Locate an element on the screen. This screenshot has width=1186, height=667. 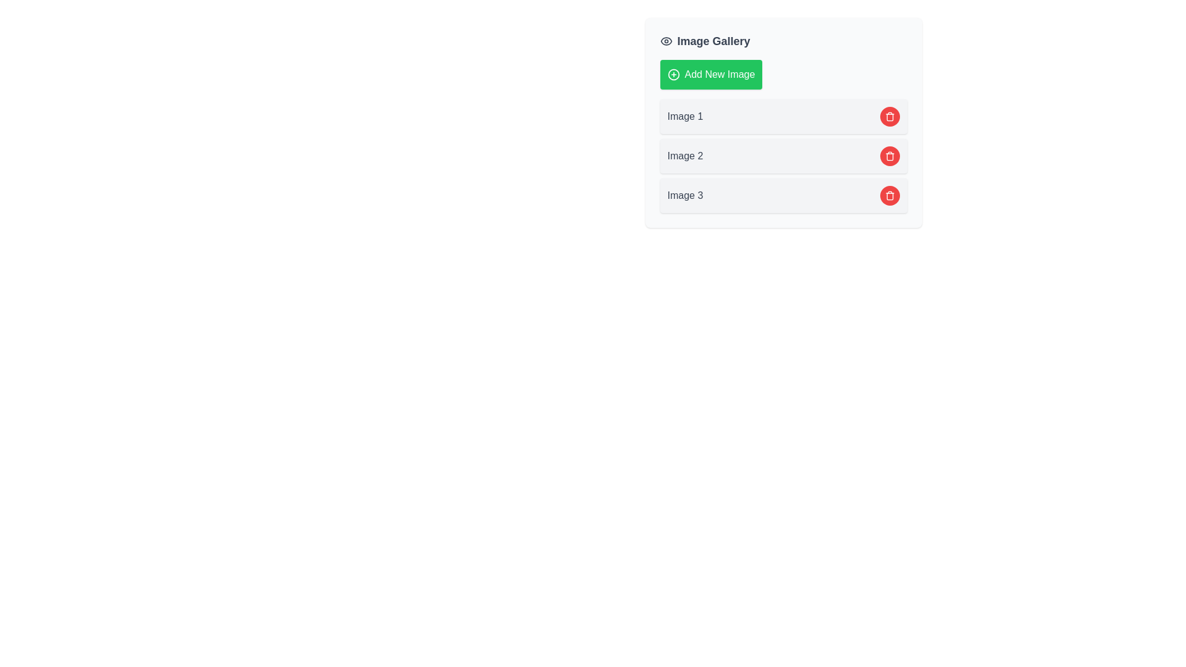
the green 'Add New Image' button with white text and a plus symbol, located near the top of the 'Image Gallery' panel, for a style change is located at coordinates (711, 74).